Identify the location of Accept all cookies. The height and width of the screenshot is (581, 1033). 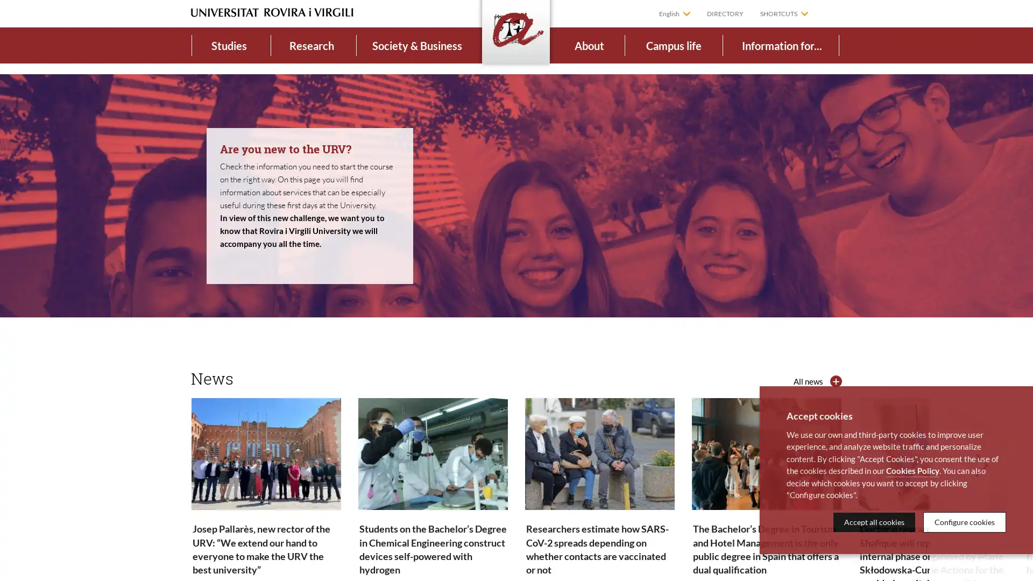
(874, 521).